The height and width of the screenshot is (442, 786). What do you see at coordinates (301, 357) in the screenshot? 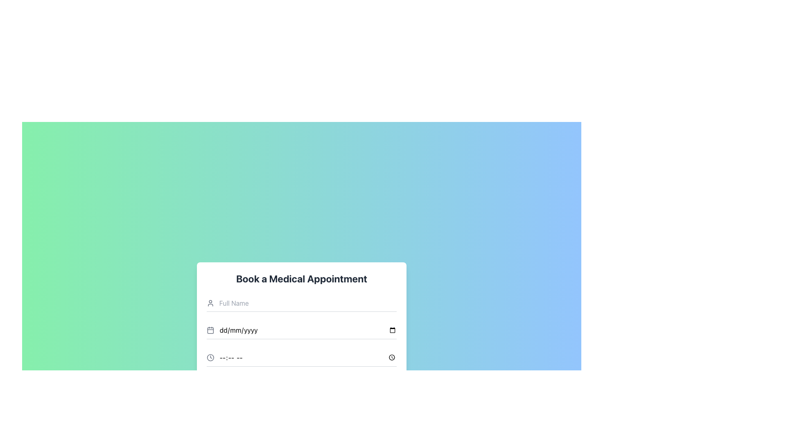
I see `the Time input field located in the 'Book a Medical Appointment' form, which is the fourth input field below the 'Appointment Date' field` at bounding box center [301, 357].